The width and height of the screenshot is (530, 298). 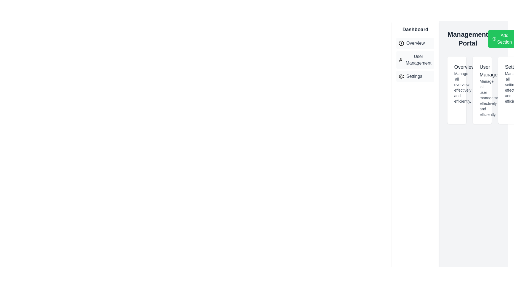 I want to click on the outer circular part of the SVG icon located in the sidebar next to the 'Overview' text link, so click(x=401, y=43).